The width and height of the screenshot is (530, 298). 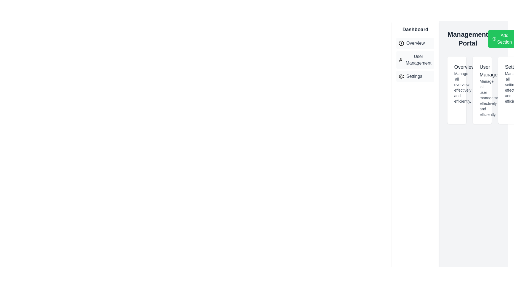 I want to click on the outer circular part of the SVG icon located in the sidebar next to the 'Overview' text link, so click(x=401, y=43).